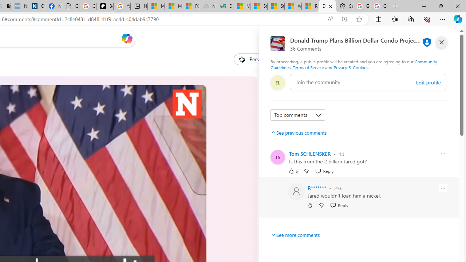 The width and height of the screenshot is (466, 262). What do you see at coordinates (71, 6) in the screenshot?
I see `'Google Analytics Opt-out Browser Add-on Download Page'` at bounding box center [71, 6].